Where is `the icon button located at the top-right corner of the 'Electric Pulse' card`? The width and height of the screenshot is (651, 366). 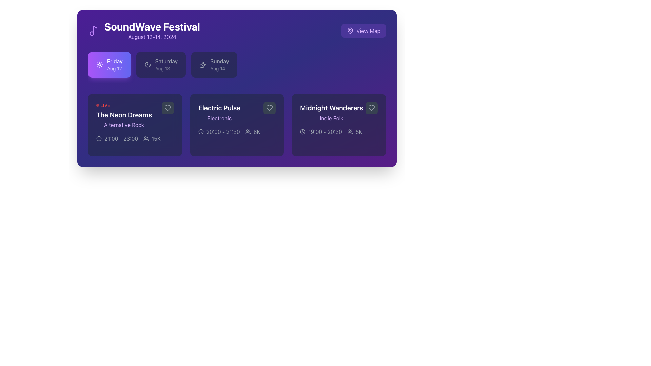 the icon button located at the top-right corner of the 'Electric Pulse' card is located at coordinates (269, 108).